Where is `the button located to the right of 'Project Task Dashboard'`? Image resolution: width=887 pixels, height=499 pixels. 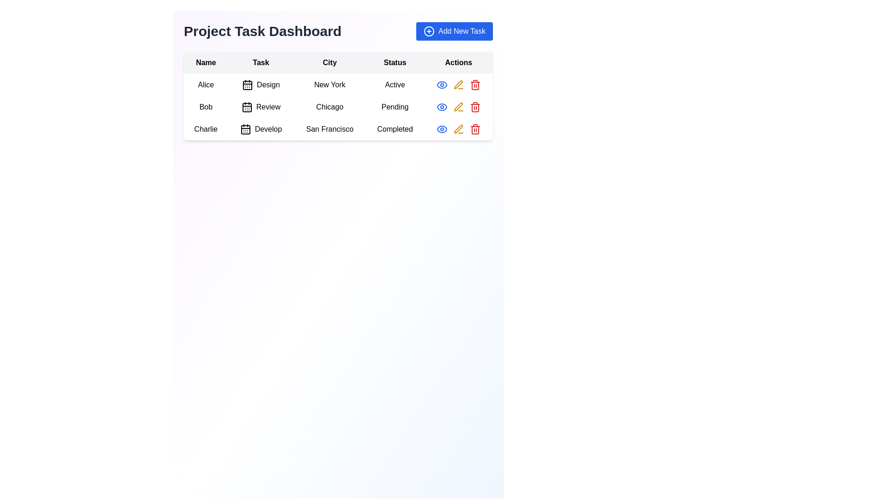
the button located to the right of 'Project Task Dashboard' is located at coordinates (454, 31).